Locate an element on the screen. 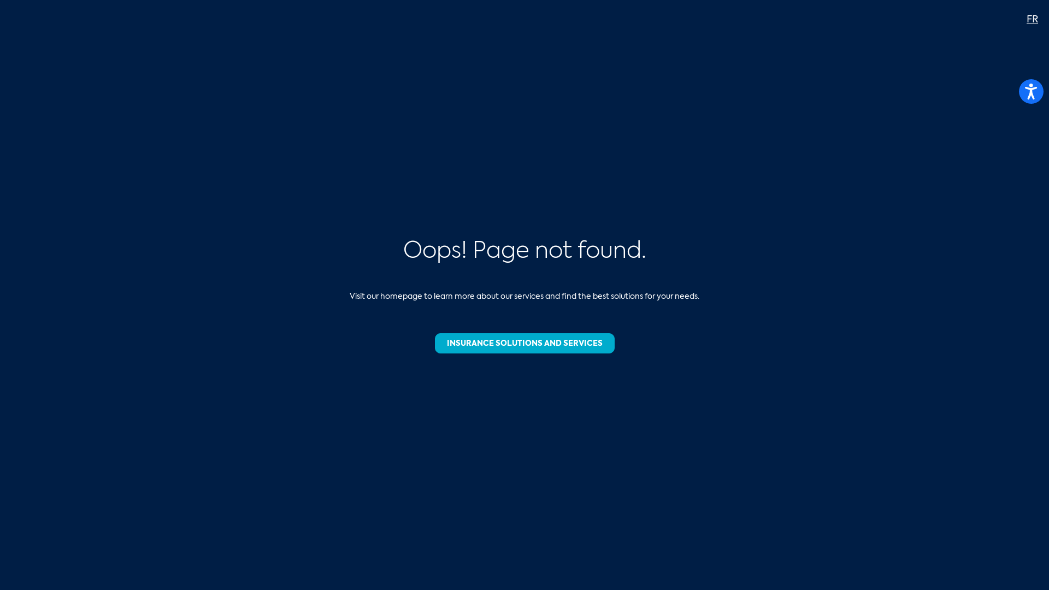 Image resolution: width=1049 pixels, height=590 pixels. 'INSURANCE SOLUTIONS AND SERVICES' is located at coordinates (524, 343).